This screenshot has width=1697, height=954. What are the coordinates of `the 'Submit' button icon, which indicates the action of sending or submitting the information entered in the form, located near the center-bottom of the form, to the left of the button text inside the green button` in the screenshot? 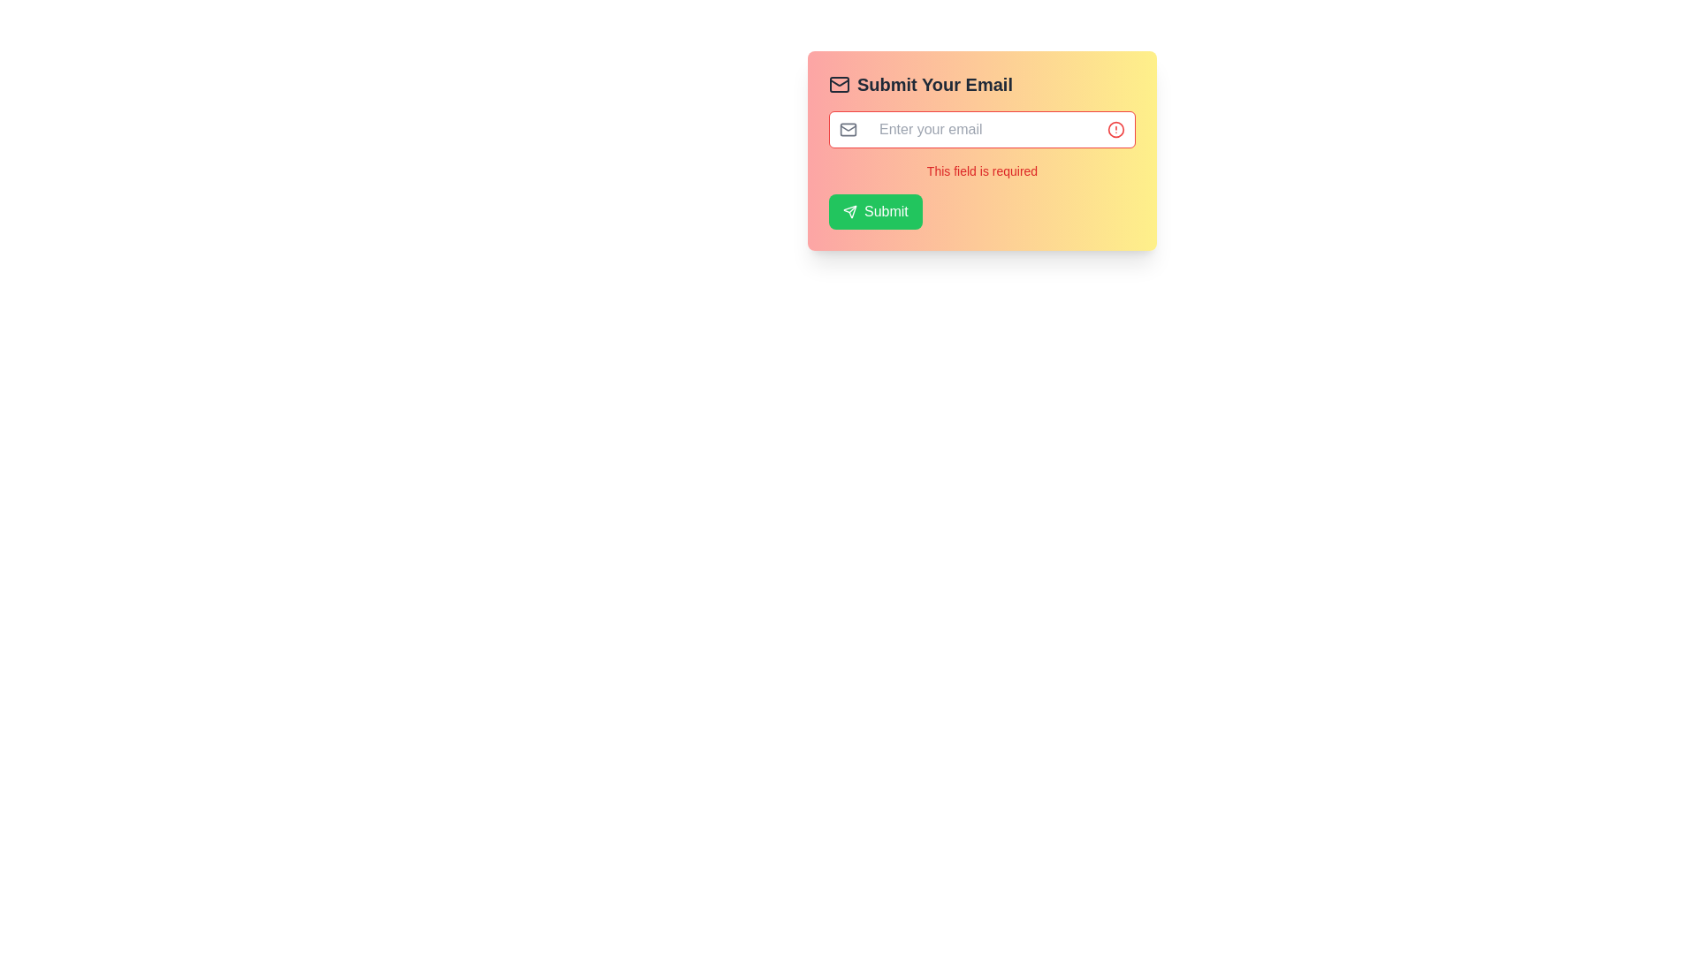 It's located at (849, 210).